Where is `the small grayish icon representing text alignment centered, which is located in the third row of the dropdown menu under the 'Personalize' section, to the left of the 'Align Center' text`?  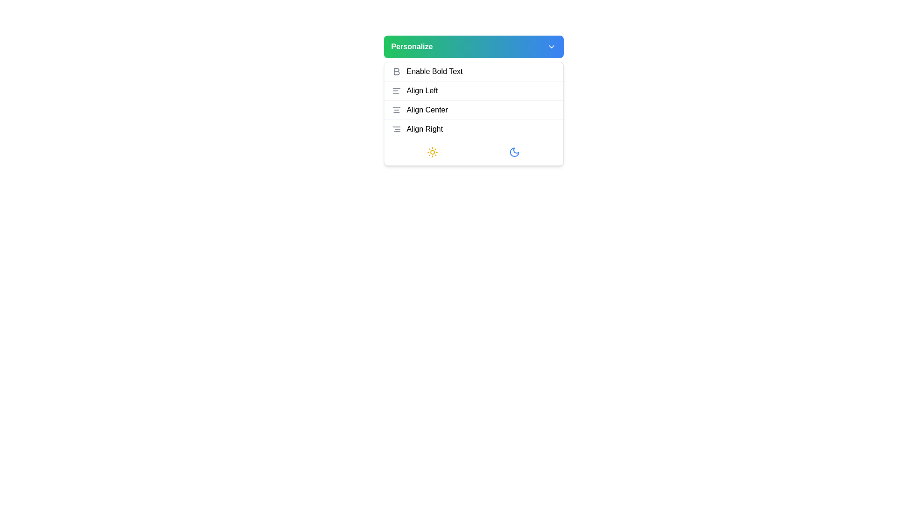 the small grayish icon representing text alignment centered, which is located in the third row of the dropdown menu under the 'Personalize' section, to the left of the 'Align Center' text is located at coordinates (396, 110).